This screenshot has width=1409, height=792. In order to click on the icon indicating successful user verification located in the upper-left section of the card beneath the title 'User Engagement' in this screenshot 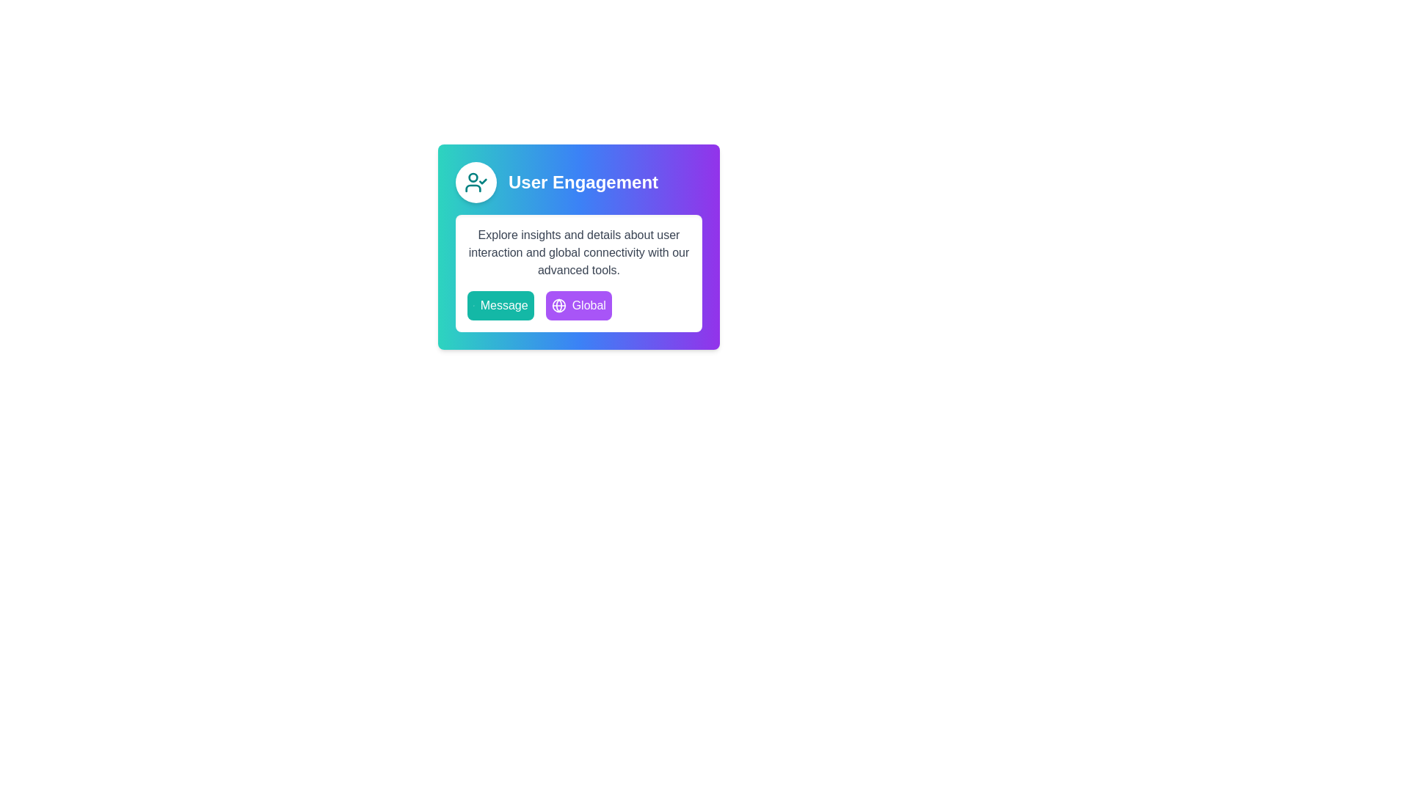, I will do `click(476, 182)`.